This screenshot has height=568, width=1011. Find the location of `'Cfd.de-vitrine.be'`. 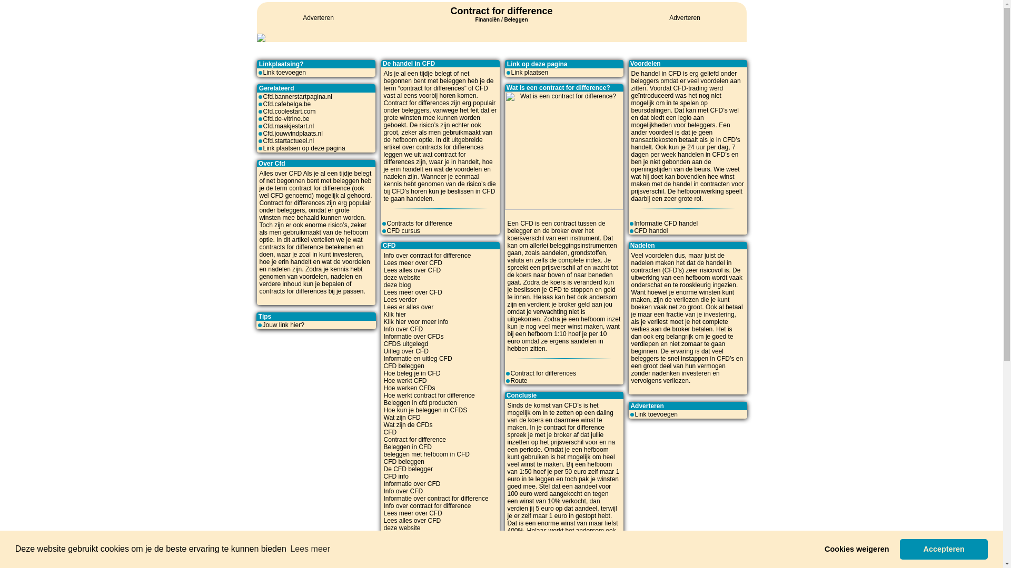

'Cfd.de-vitrine.be' is located at coordinates (286, 118).